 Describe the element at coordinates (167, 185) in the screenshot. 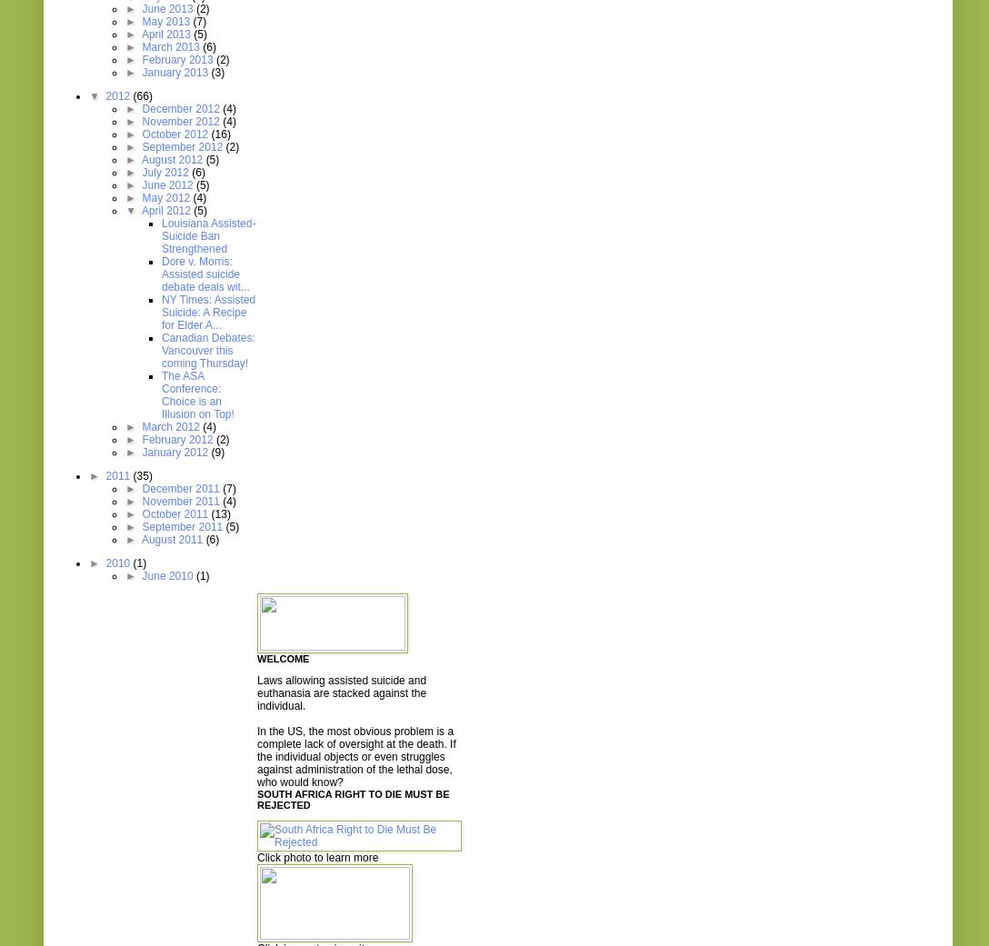

I see `'June 2012'` at that location.